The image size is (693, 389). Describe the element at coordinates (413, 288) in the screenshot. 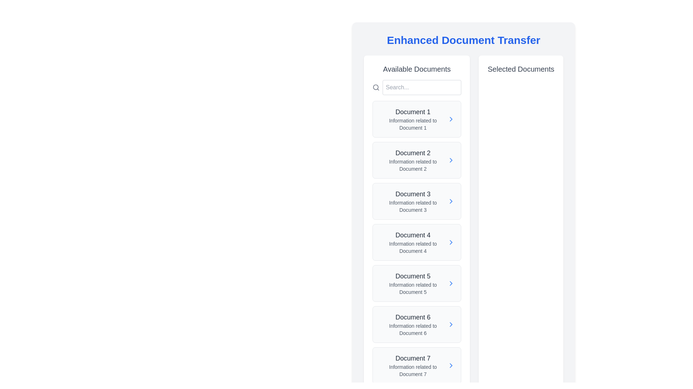

I see `the static text label providing additional information about 'Document 5' located under the 'Available Documents' list` at that location.